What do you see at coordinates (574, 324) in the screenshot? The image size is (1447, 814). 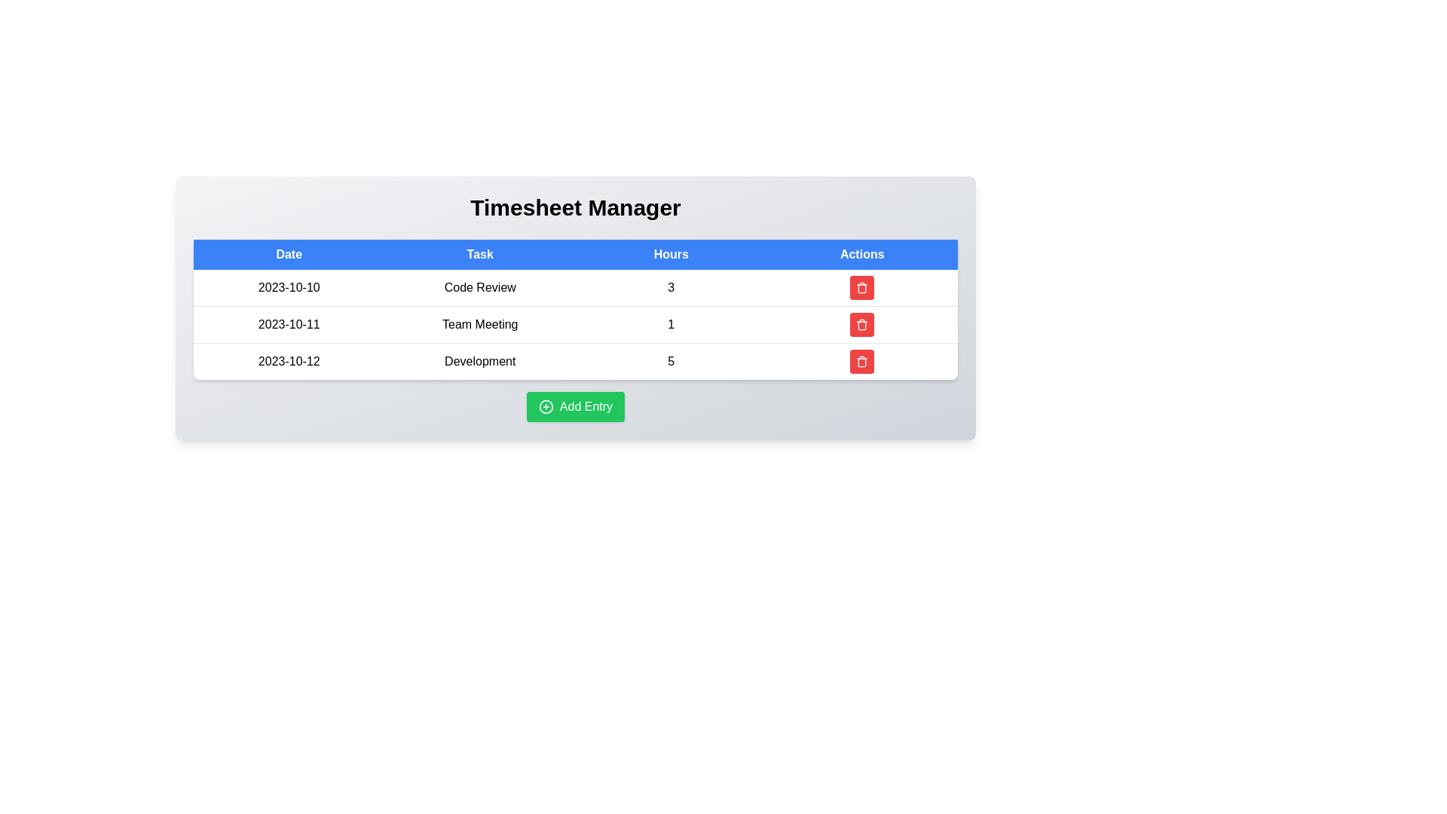 I see `contents of the second row in the timesheet table under 'Timesheet Manager', which includes task details and hours for the specified date` at bounding box center [574, 324].